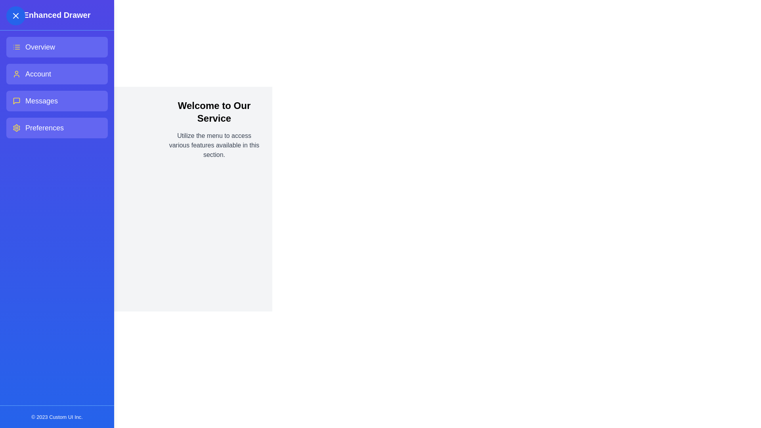 The width and height of the screenshot is (761, 428). What do you see at coordinates (57, 100) in the screenshot?
I see `the 'Messages' button with a purple background and yellow message bubble icon for accessibility interactions` at bounding box center [57, 100].